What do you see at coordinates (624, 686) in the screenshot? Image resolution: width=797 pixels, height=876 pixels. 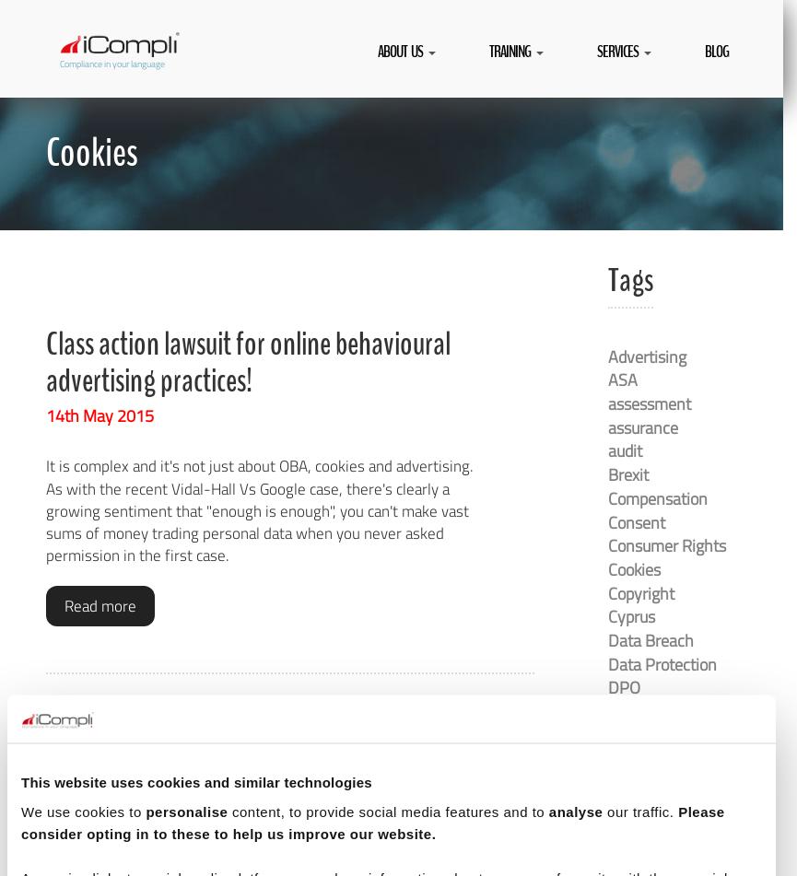 I see `'DPO'` at bounding box center [624, 686].